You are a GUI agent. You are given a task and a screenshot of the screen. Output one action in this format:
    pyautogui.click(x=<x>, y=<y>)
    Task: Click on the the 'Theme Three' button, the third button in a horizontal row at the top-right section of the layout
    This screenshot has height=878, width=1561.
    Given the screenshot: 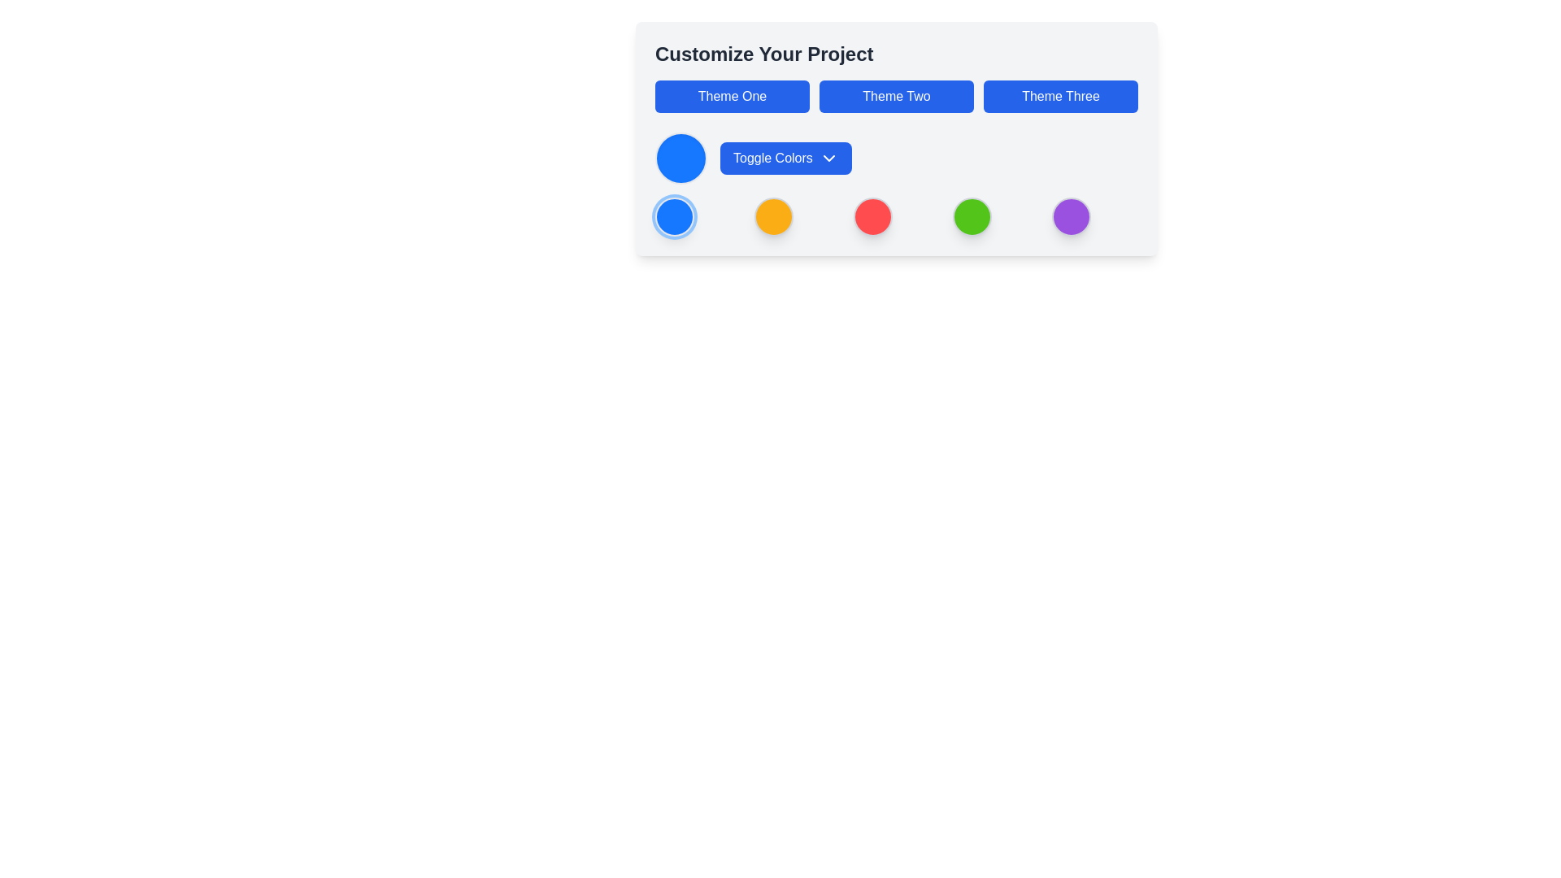 What is the action you would take?
    pyautogui.click(x=1061, y=97)
    